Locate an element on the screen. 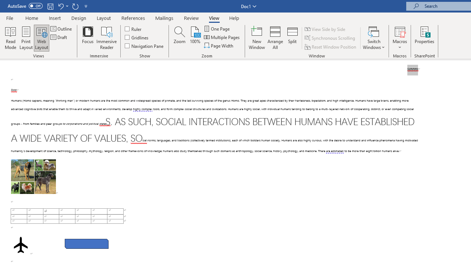 The height and width of the screenshot is (265, 471). 'New Window' is located at coordinates (257, 38).